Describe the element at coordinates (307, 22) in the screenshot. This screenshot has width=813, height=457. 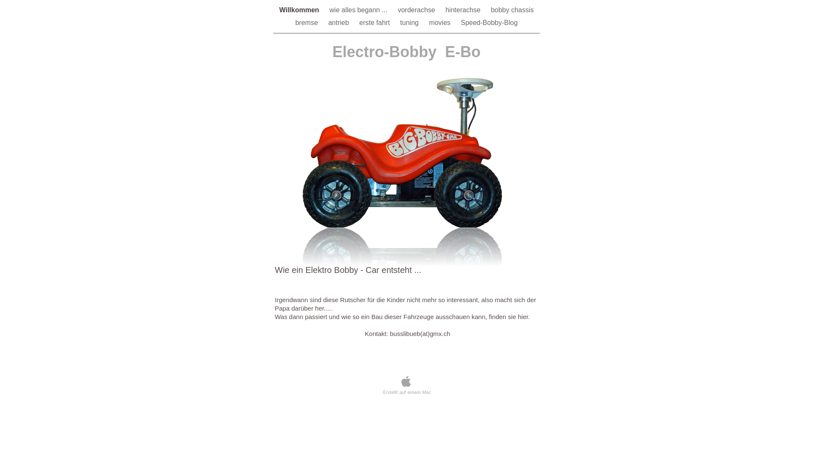
I see `'bremse'` at that location.